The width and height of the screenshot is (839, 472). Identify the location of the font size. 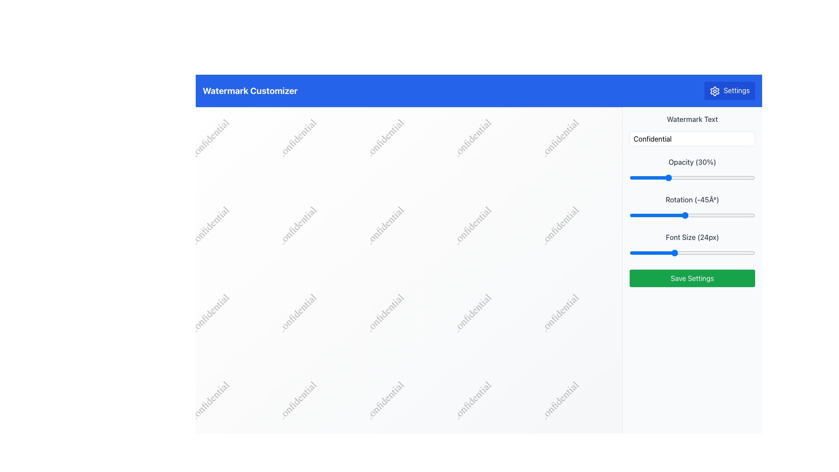
(730, 253).